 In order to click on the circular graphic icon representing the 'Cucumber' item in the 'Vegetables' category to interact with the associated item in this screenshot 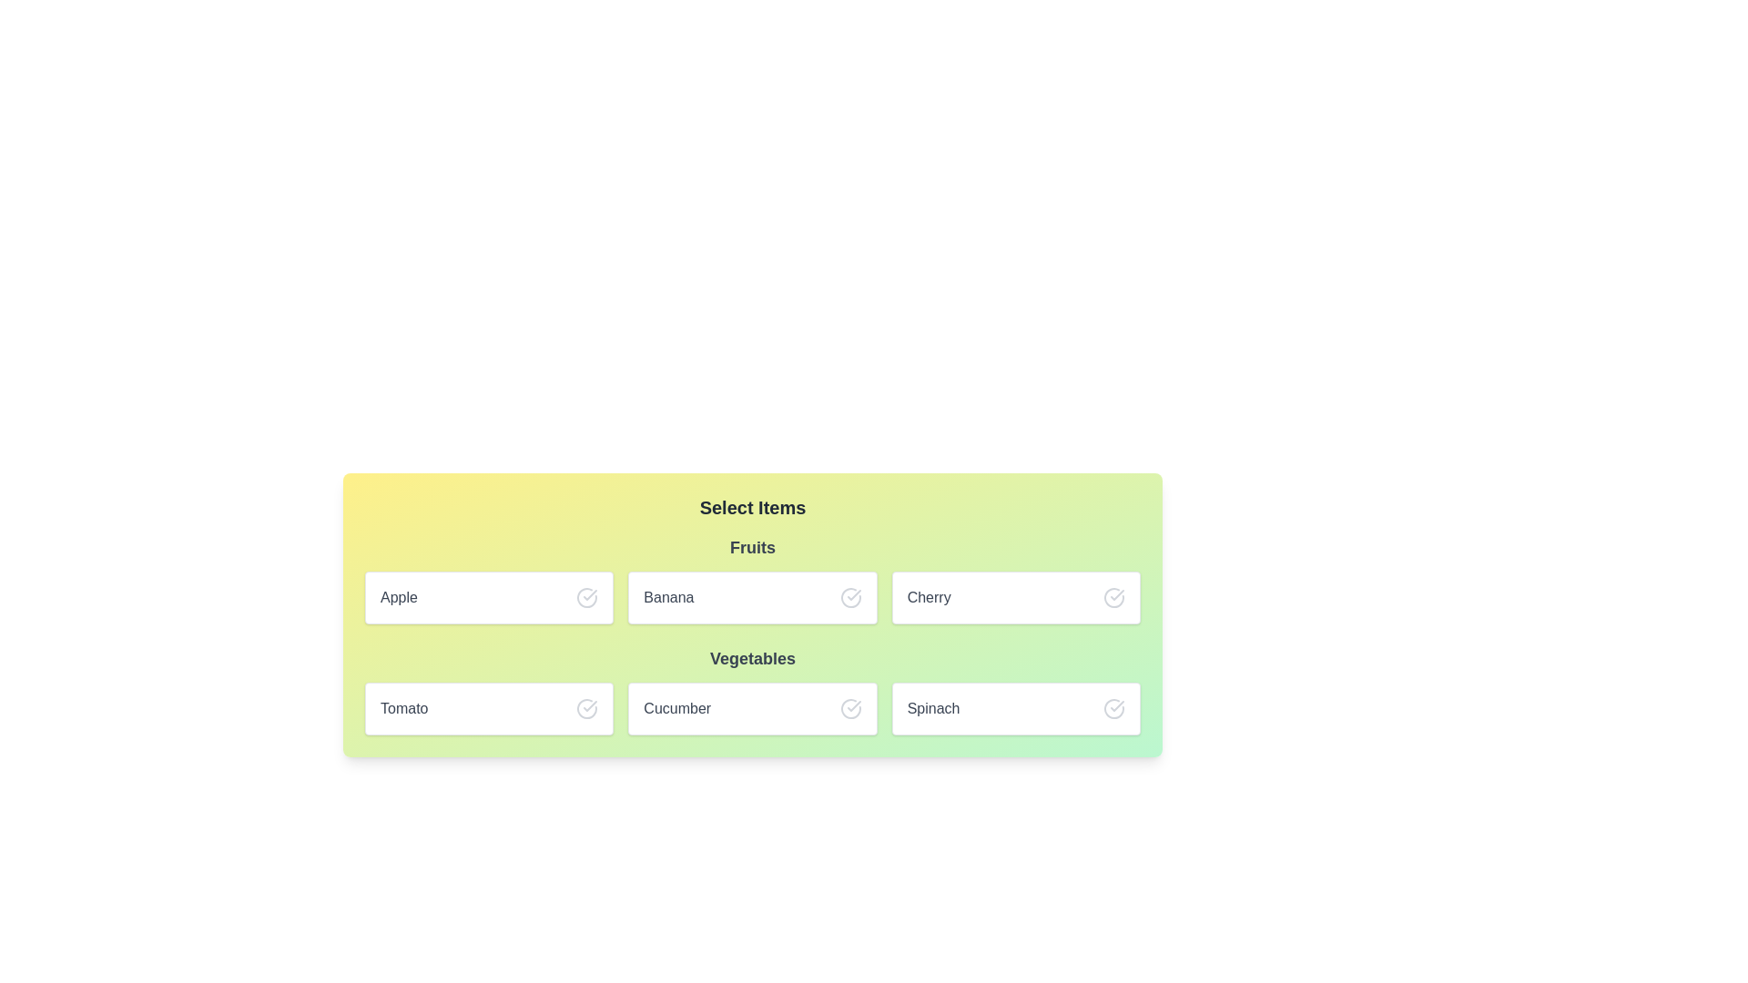, I will do `click(853, 704)`.